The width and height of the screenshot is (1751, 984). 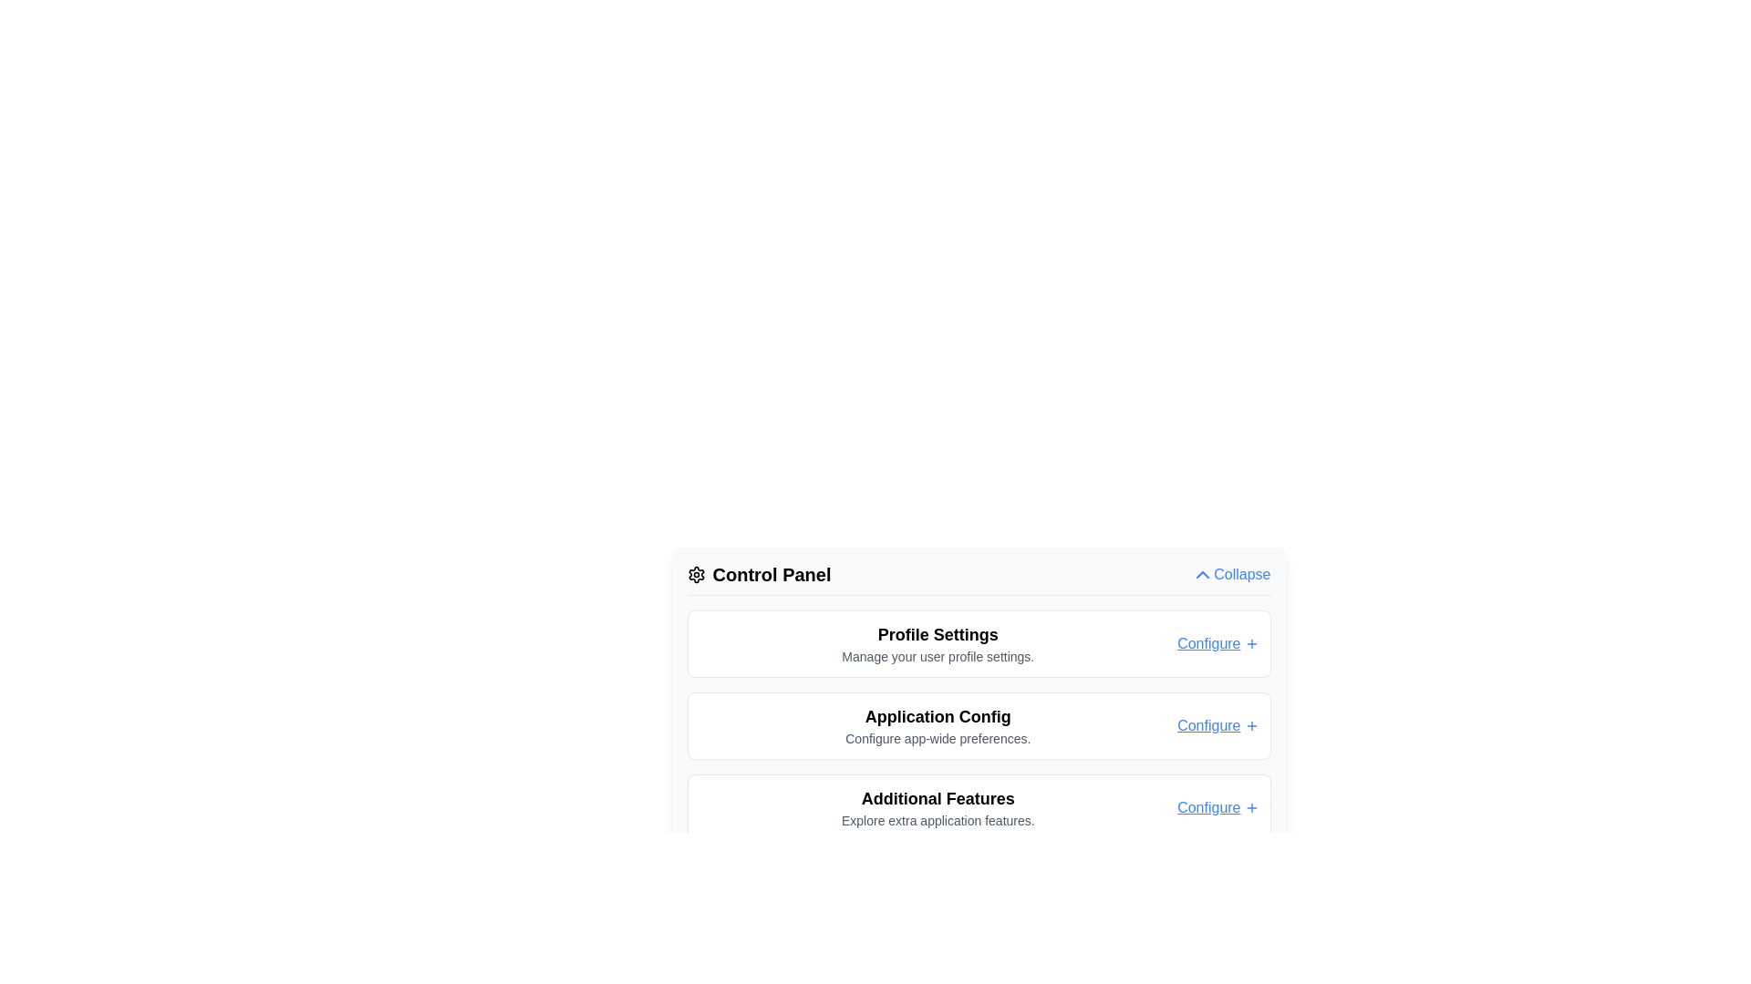 What do you see at coordinates (978, 701) in the screenshot?
I see `the link in the Interactive Card with Title, Description, and Link located in the Control Panel section by` at bounding box center [978, 701].